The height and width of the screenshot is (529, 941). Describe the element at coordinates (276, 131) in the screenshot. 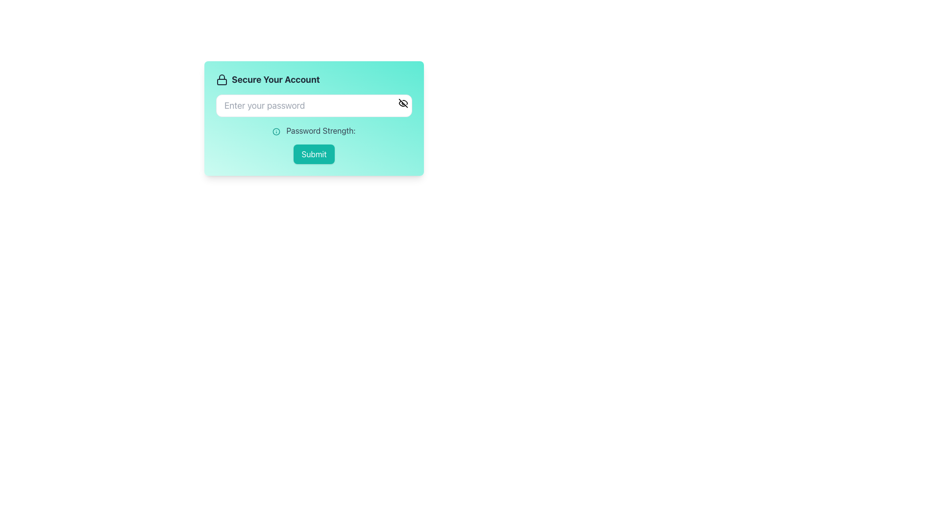

I see `the small circular teal information icon located to the left of the text 'Password Strength:'` at that location.